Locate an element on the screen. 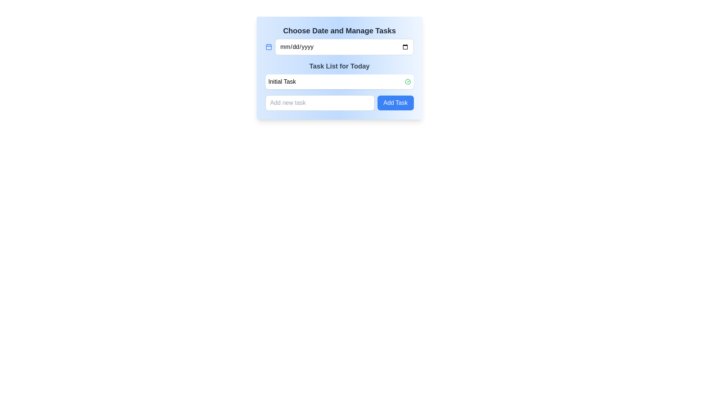  the static text header that serves as a title for the section displaying today's tasks, positioned centrally below the date picker is located at coordinates (339, 66).